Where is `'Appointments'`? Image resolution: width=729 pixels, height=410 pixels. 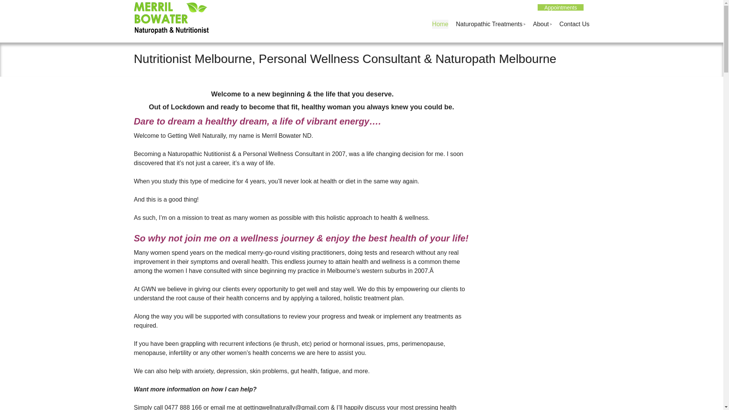
'Appointments' is located at coordinates (561, 7).